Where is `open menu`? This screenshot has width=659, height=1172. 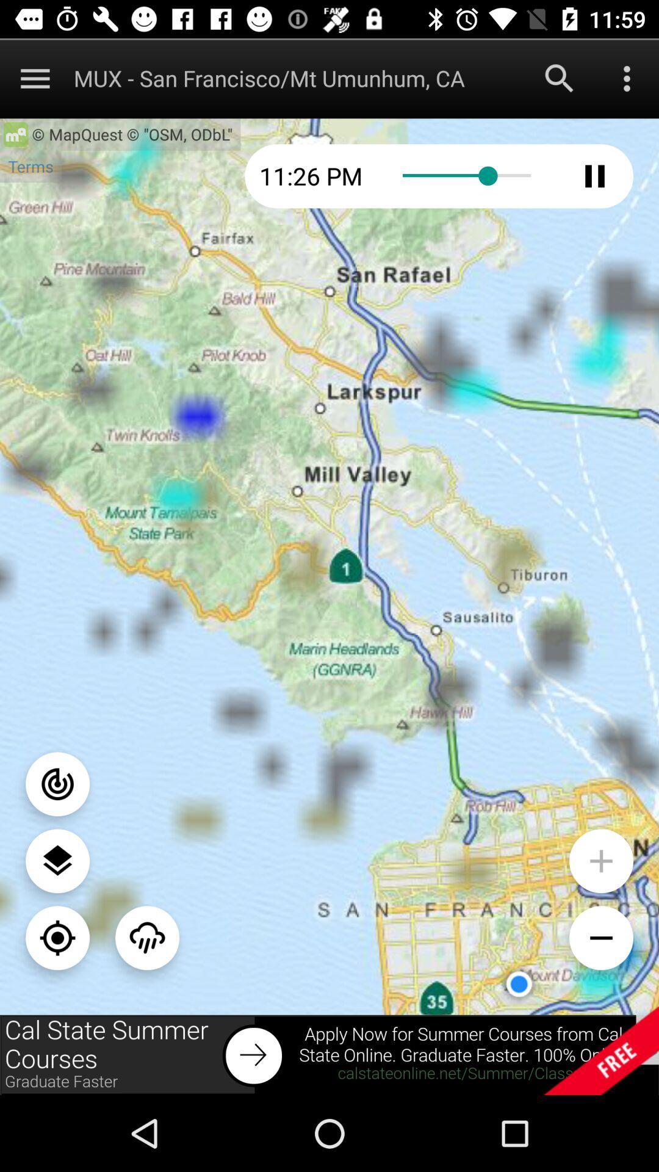
open menu is located at coordinates (627, 78).